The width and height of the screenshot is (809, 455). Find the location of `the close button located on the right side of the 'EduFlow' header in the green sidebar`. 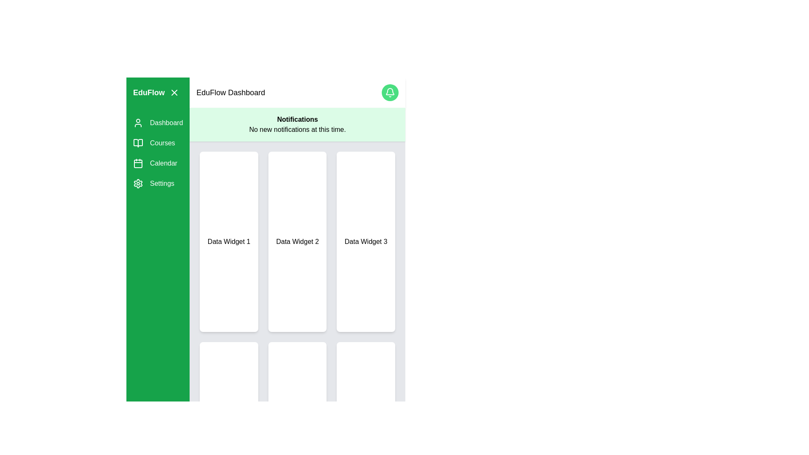

the close button located on the right side of the 'EduFlow' header in the green sidebar is located at coordinates (174, 92).